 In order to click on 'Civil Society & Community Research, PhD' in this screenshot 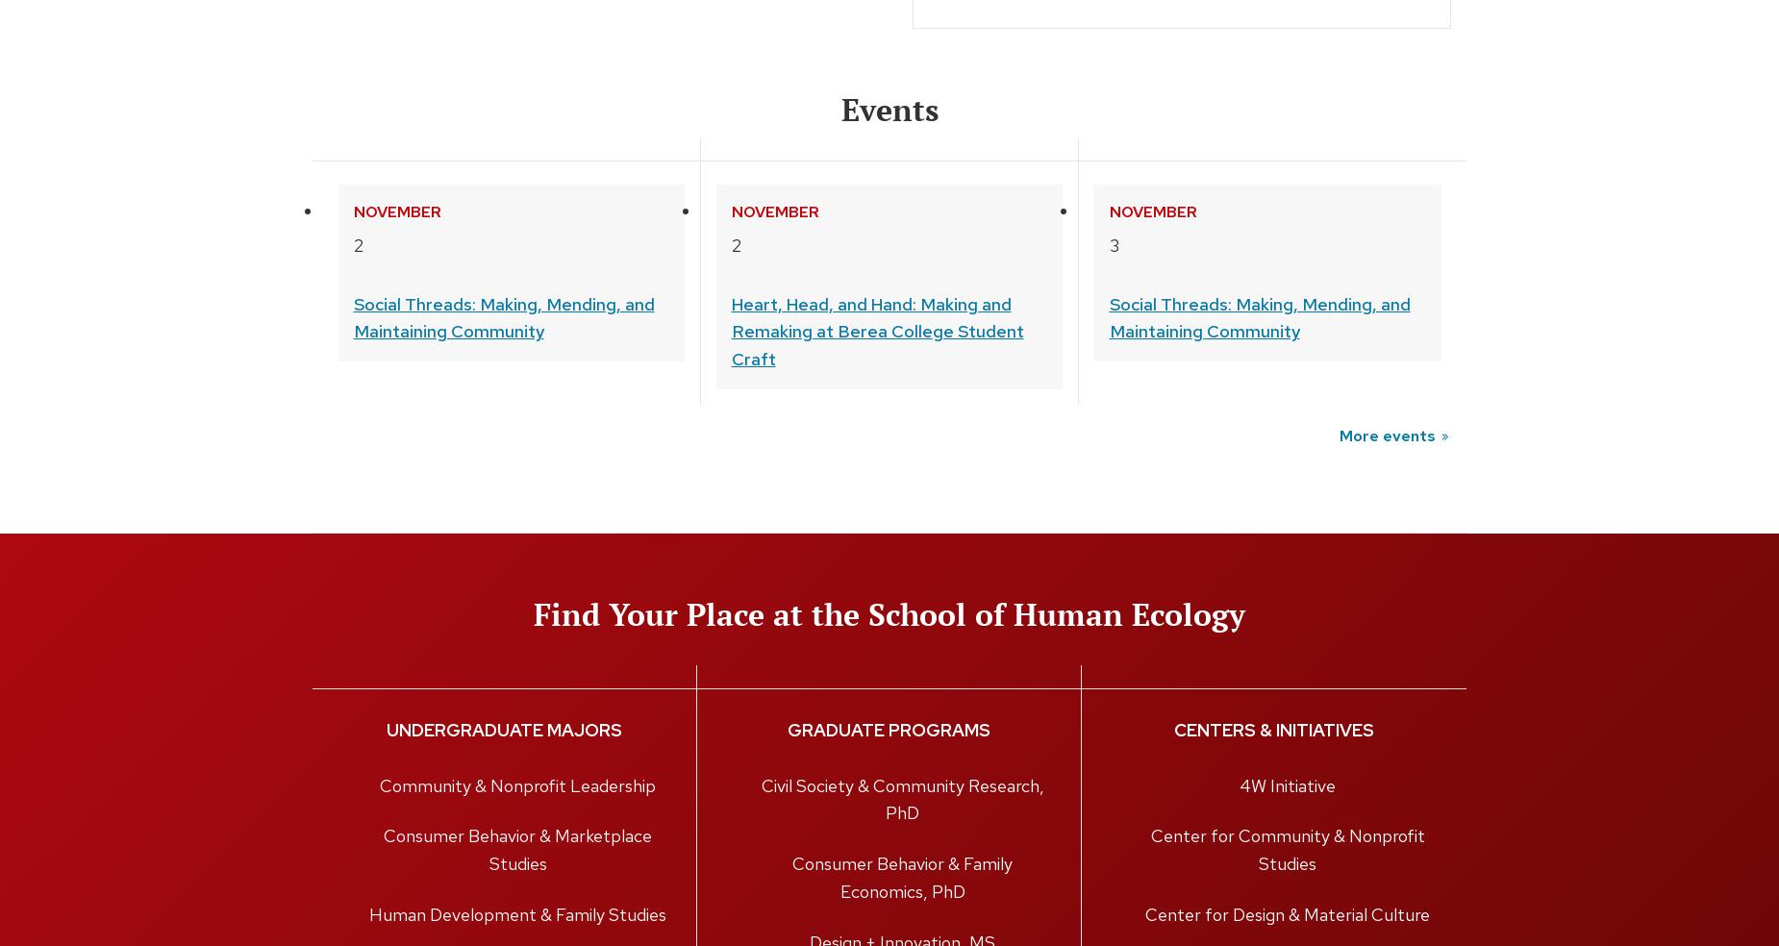, I will do `click(900, 797)`.